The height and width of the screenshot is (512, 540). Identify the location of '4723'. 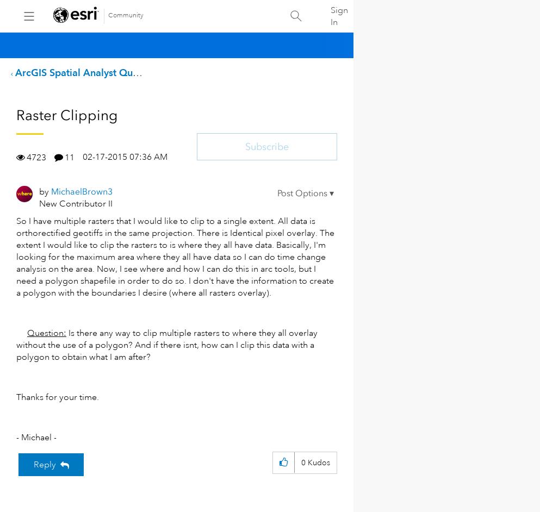
(36, 157).